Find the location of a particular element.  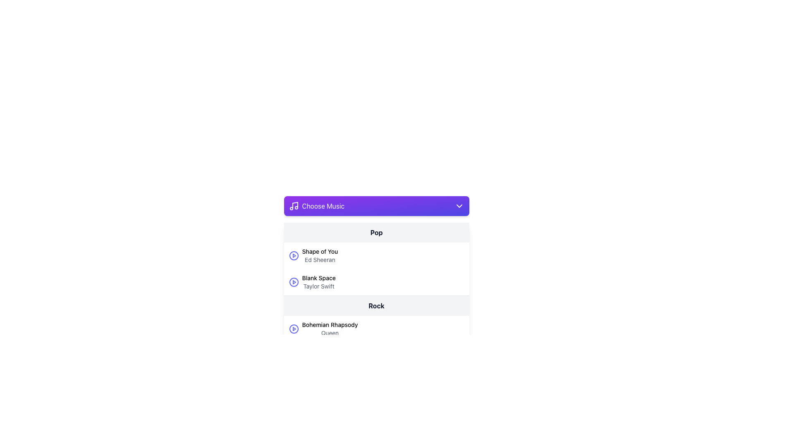

the second item in the music selection dropdown, which is the song 'Blank Space' by Taylor Swift is located at coordinates (376, 282).